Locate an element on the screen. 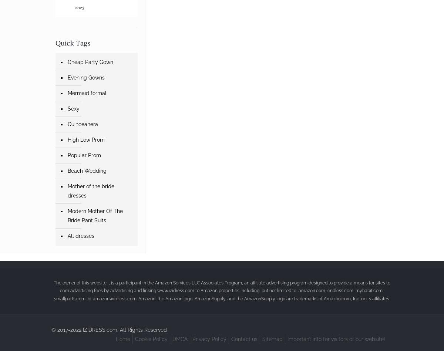 The width and height of the screenshot is (444, 351). 'Modern Mother Of The Bride Pant Suits' is located at coordinates (95, 215).